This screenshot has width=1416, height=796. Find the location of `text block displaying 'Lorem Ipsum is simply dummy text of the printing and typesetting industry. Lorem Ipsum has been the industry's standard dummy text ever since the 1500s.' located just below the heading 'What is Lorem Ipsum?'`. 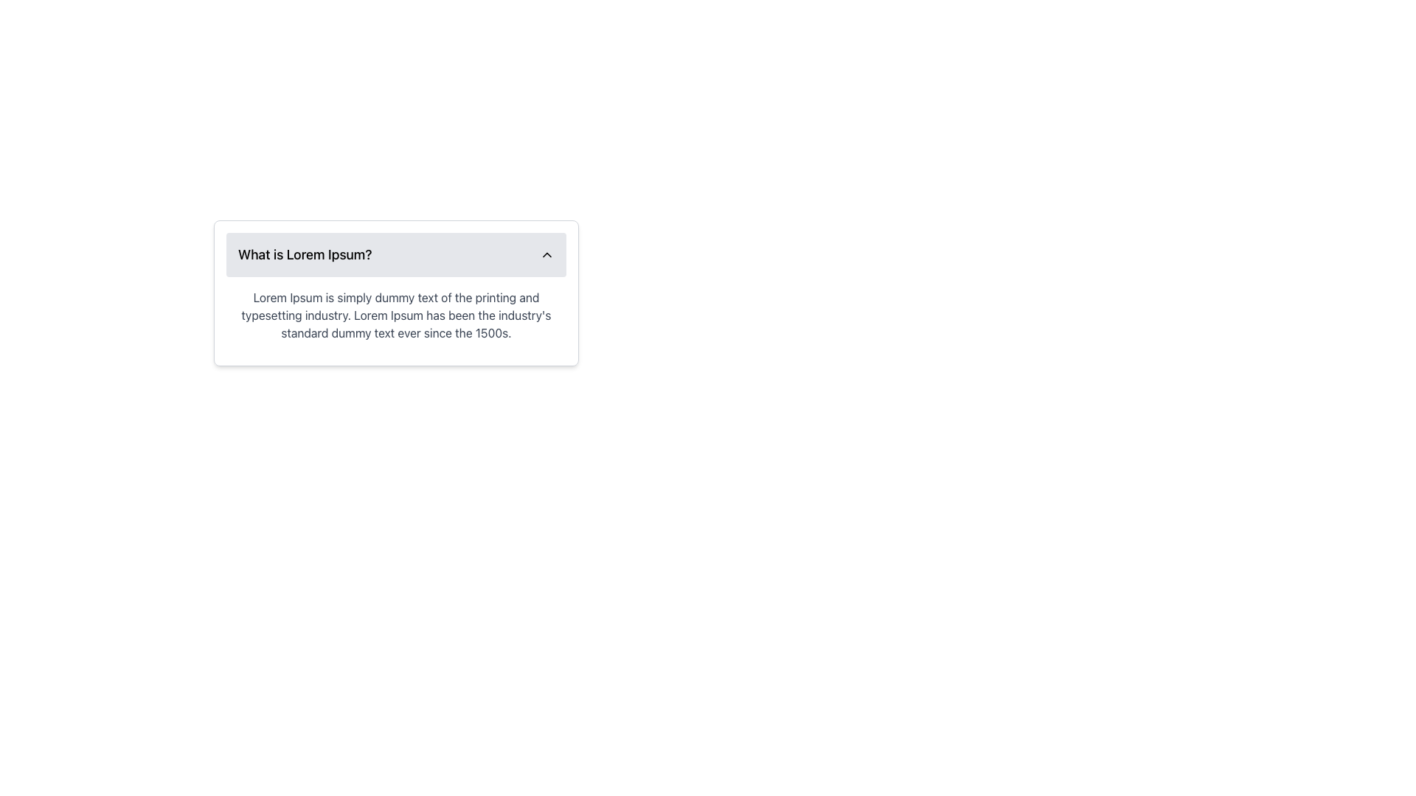

text block displaying 'Lorem Ipsum is simply dummy text of the printing and typesetting industry. Lorem Ipsum has been the industry's standard dummy text ever since the 1500s.' located just below the heading 'What is Lorem Ipsum?' is located at coordinates (396, 315).